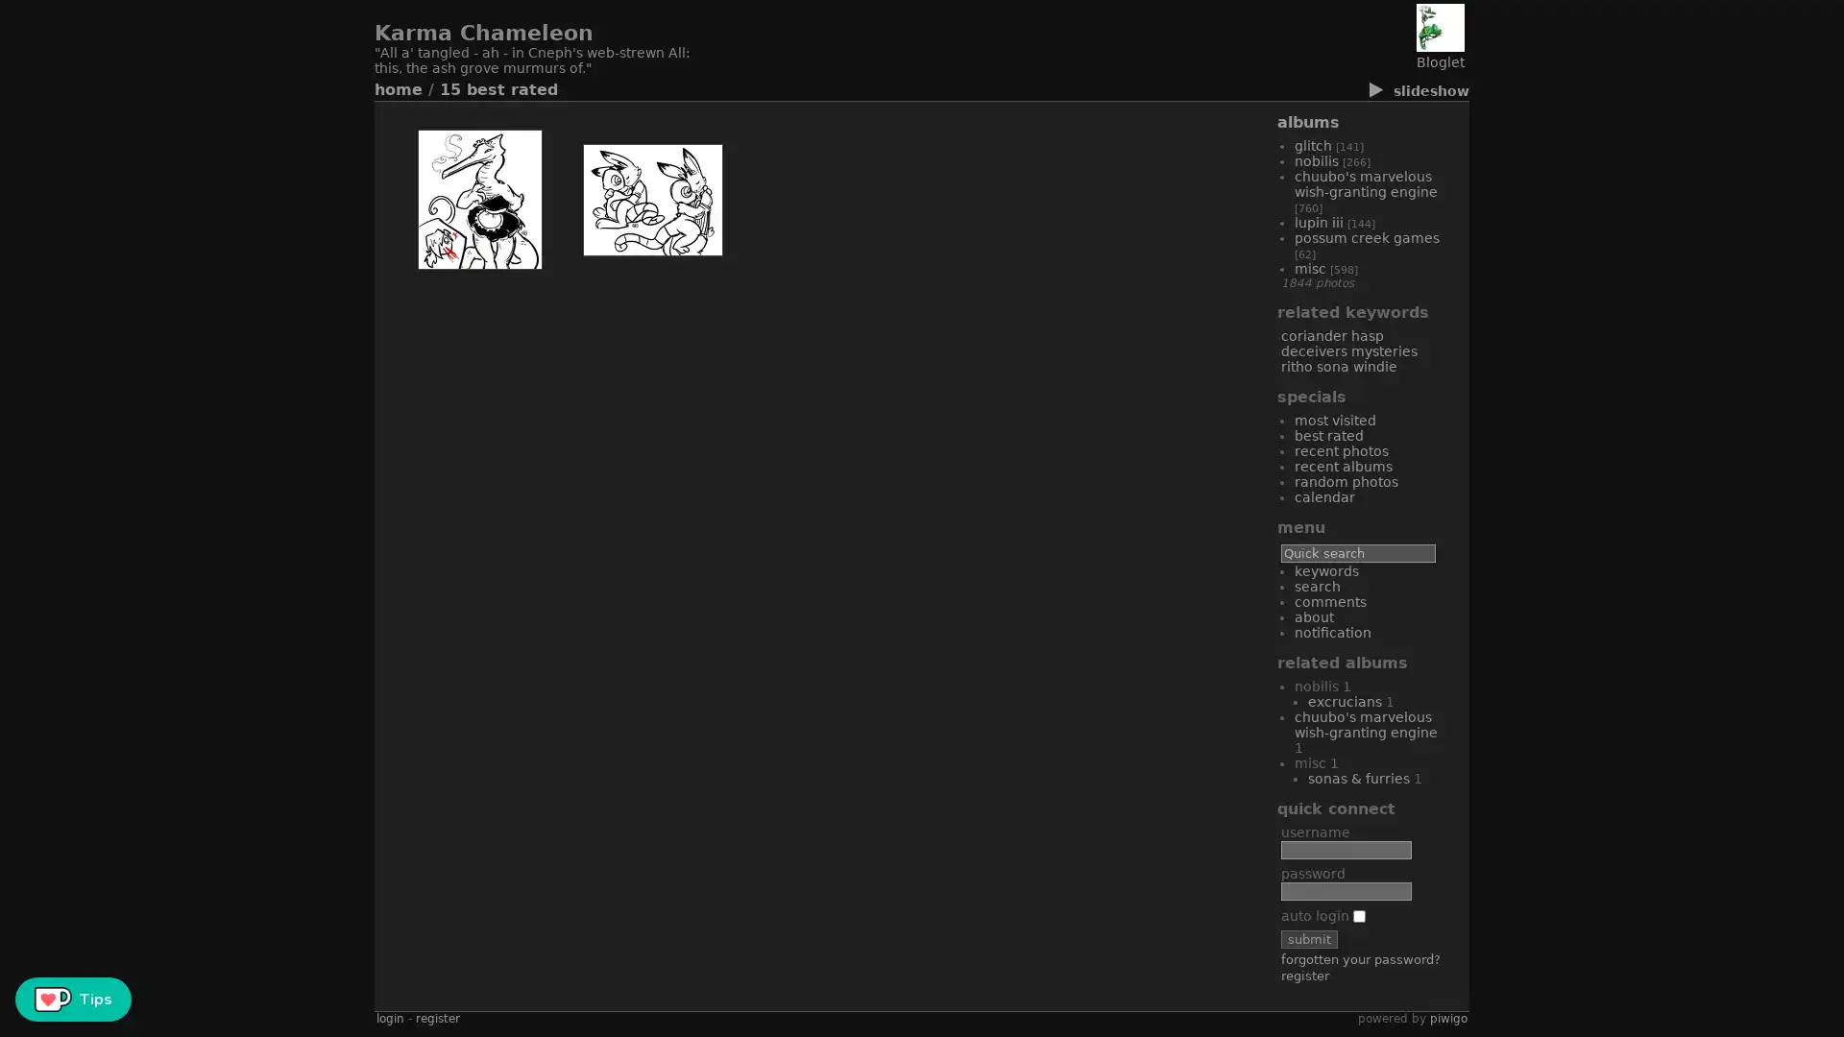 The width and height of the screenshot is (1844, 1037). Describe the element at coordinates (1308, 938) in the screenshot. I see `Submit` at that location.